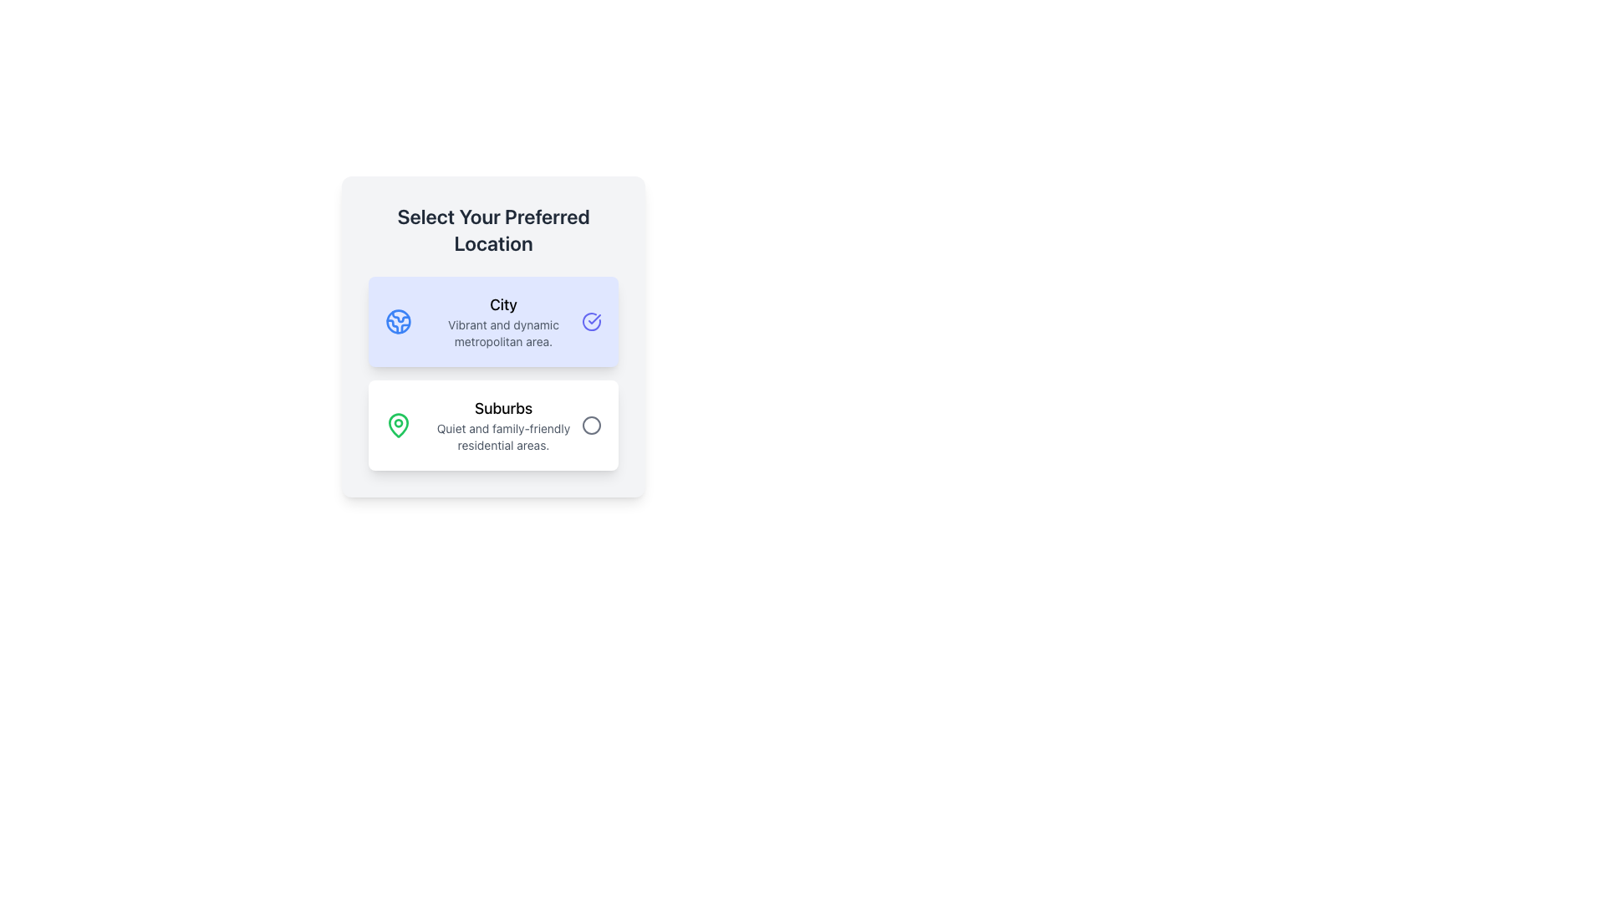 The height and width of the screenshot is (903, 1605). Describe the element at coordinates (592, 322) in the screenshot. I see `the circular indigo icon with a checkmark inside, located in the top-right corner of the 'City' selection card, next to the descriptive text 'Vibrant and dynamic metropolitan area.'` at that location.